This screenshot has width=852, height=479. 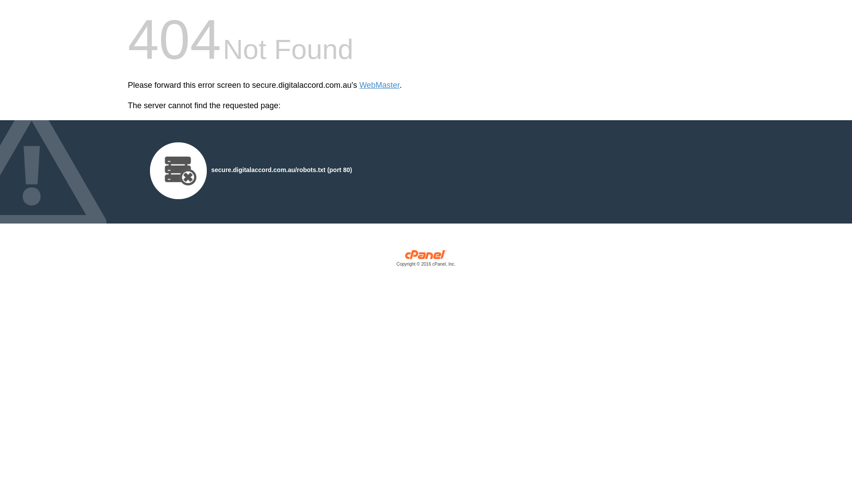 I want to click on 'WebMaster', so click(x=379, y=85).